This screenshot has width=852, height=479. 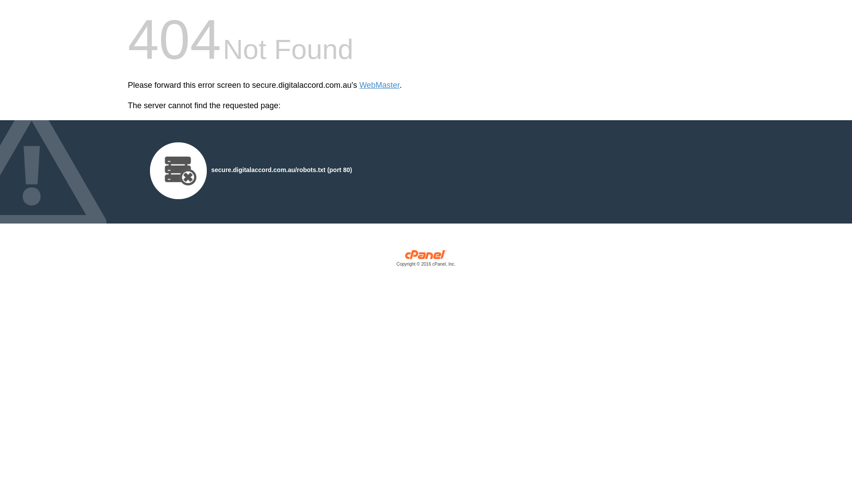 I want to click on 'WebMaster', so click(x=379, y=85).